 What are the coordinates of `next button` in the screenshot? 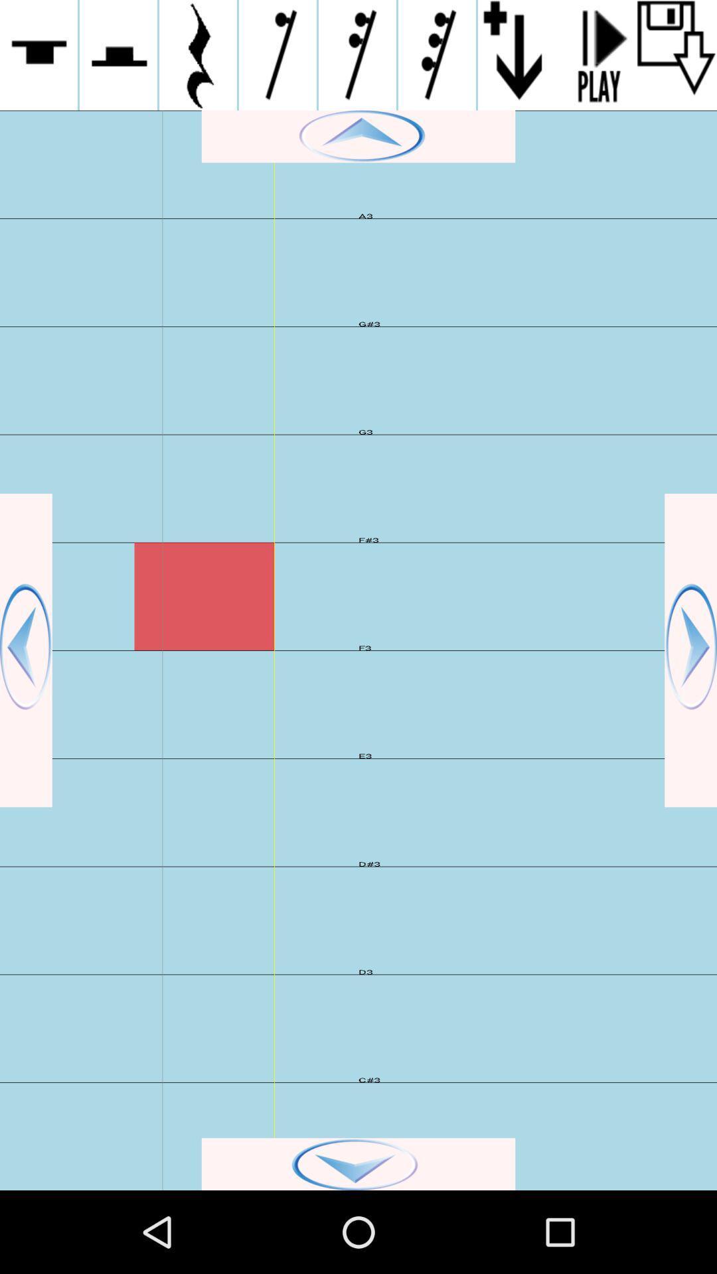 It's located at (690, 650).